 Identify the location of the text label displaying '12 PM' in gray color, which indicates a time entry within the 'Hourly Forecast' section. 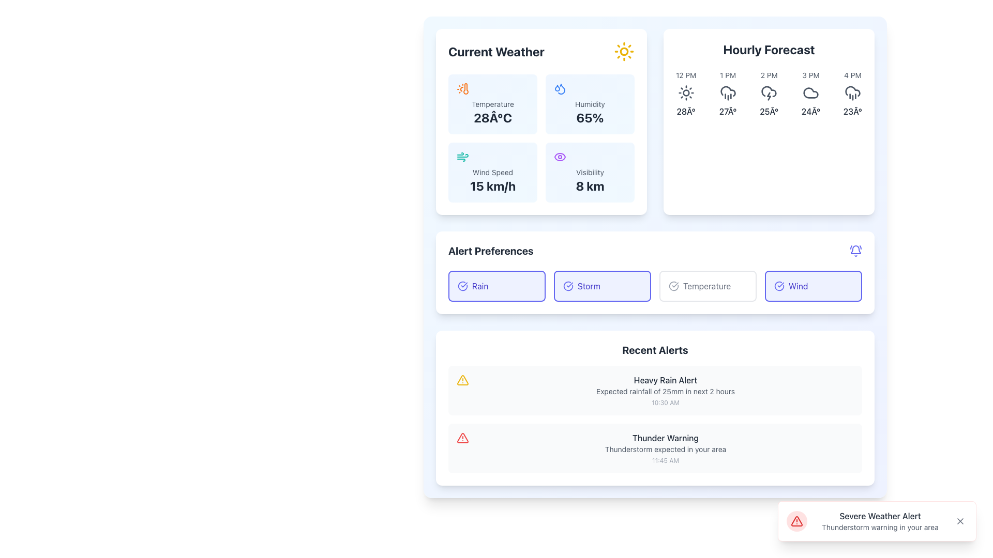
(686, 75).